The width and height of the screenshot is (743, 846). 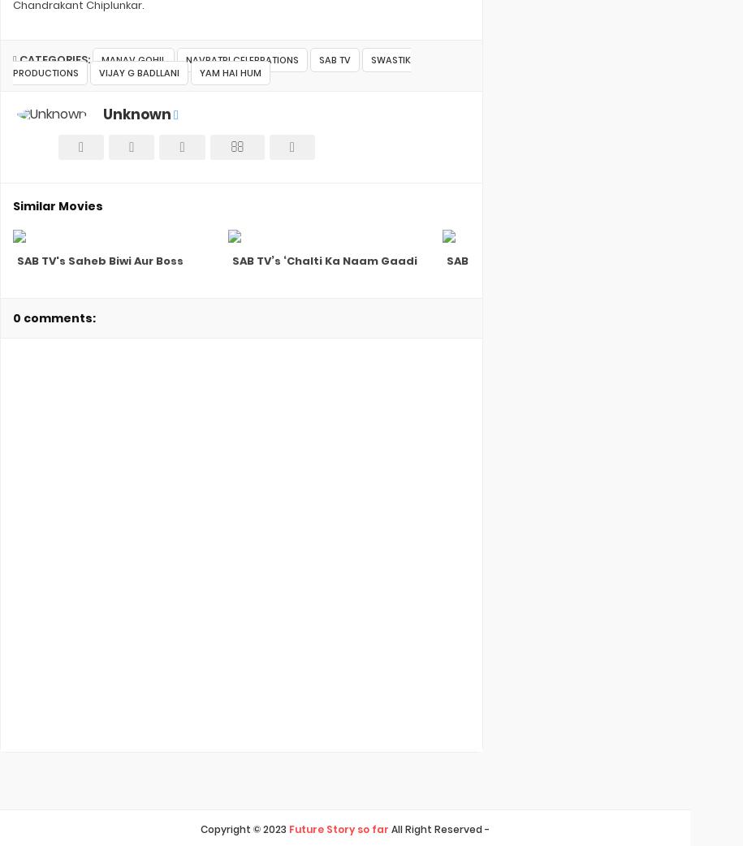 I want to click on 'Navratri celebrations', so click(x=240, y=58).